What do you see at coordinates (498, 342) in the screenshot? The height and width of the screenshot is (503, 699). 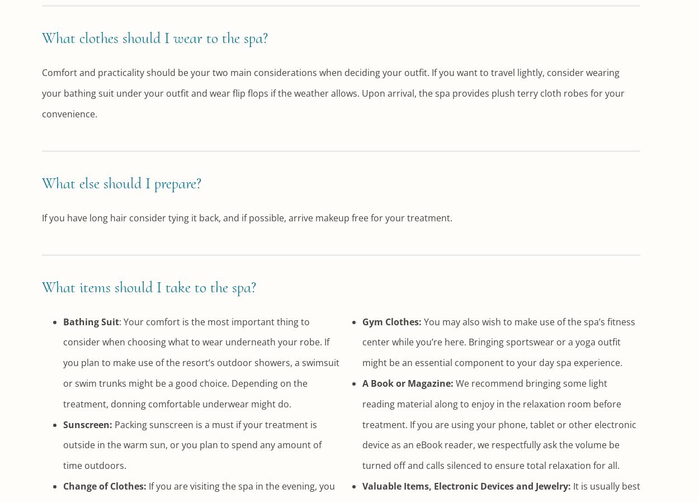 I see `'You may also wish to make use of the spa’s fitness center while you’re here. Bringing sportswear or a yoga outfit might be an essential component to your day spa experience.'` at bounding box center [498, 342].